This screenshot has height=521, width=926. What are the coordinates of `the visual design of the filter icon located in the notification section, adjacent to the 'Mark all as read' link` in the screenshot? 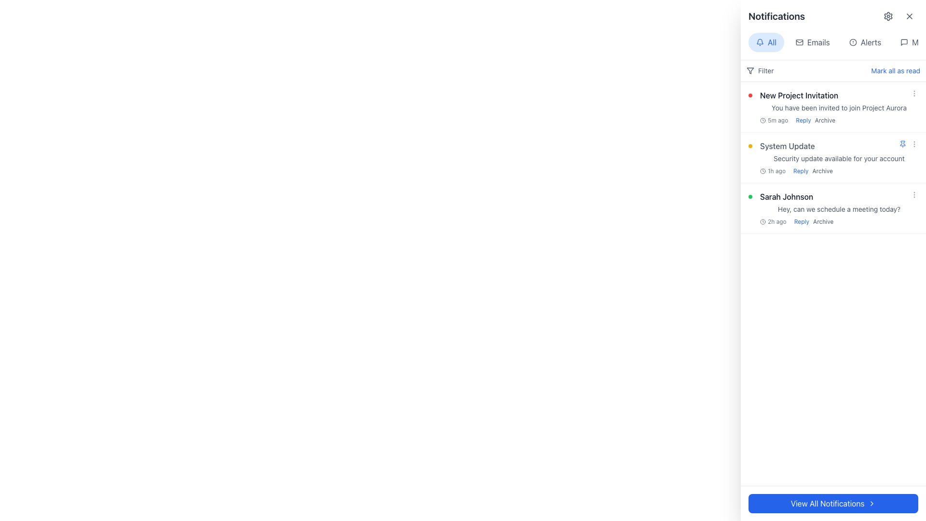 It's located at (749, 70).